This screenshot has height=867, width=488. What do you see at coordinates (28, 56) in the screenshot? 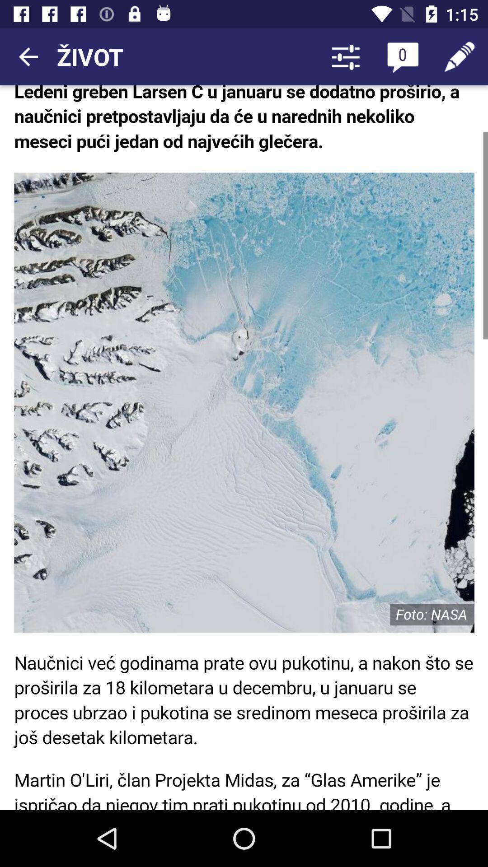
I see `the arrow_backward icon` at bounding box center [28, 56].